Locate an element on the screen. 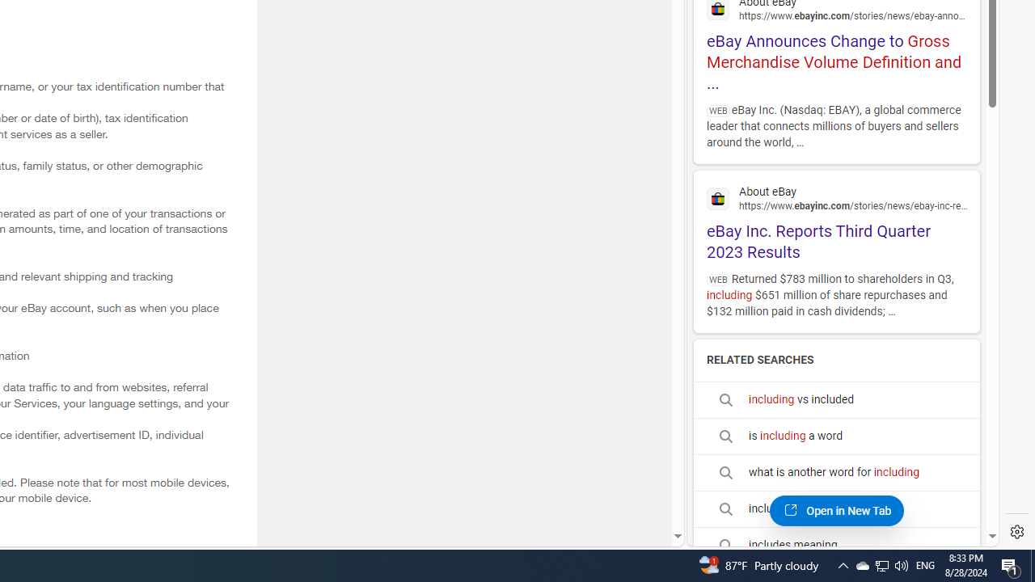 Image resolution: width=1035 pixels, height=582 pixels. 'includes synonym' is located at coordinates (836, 508).